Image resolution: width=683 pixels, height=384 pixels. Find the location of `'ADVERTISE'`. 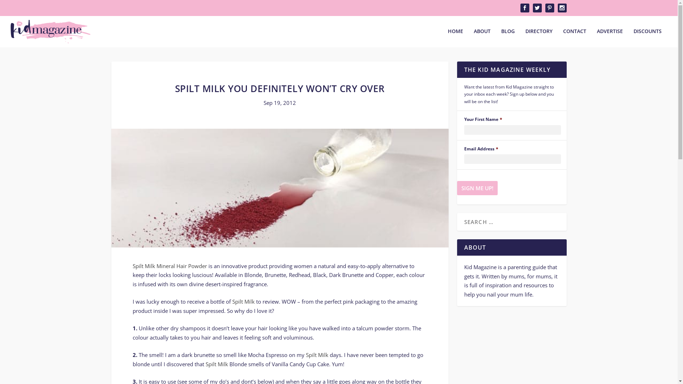

'ADVERTISE' is located at coordinates (609, 38).